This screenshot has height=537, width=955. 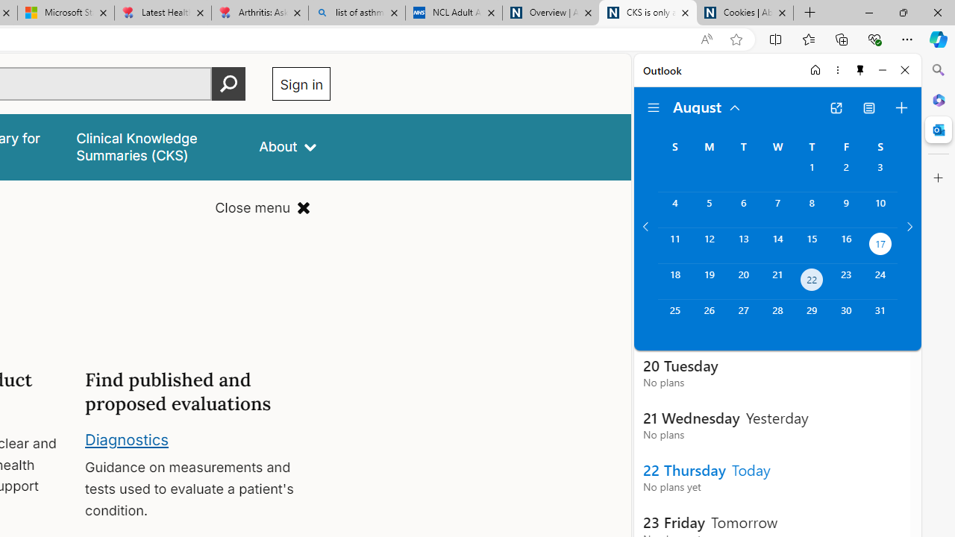 What do you see at coordinates (880, 245) in the screenshot?
I see `'Saturday, August 17, 2024. Date selected. '` at bounding box center [880, 245].